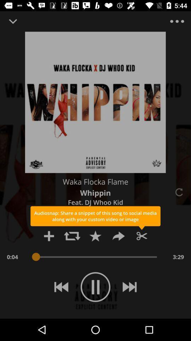  I want to click on the image above the text waka flocka flame, so click(95, 102).